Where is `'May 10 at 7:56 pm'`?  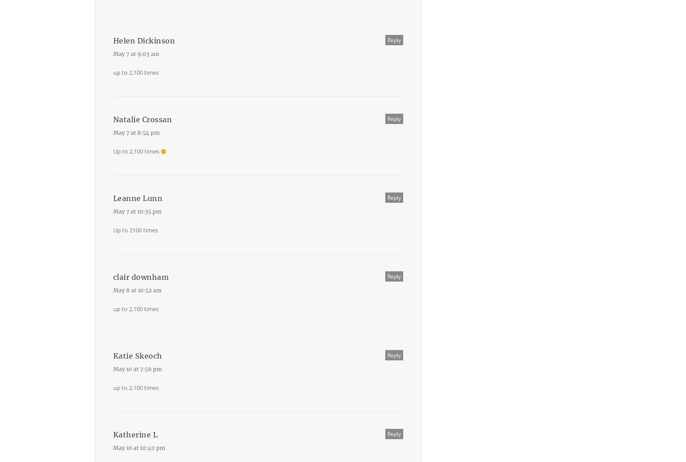
'May 10 at 7:56 pm' is located at coordinates (137, 369).